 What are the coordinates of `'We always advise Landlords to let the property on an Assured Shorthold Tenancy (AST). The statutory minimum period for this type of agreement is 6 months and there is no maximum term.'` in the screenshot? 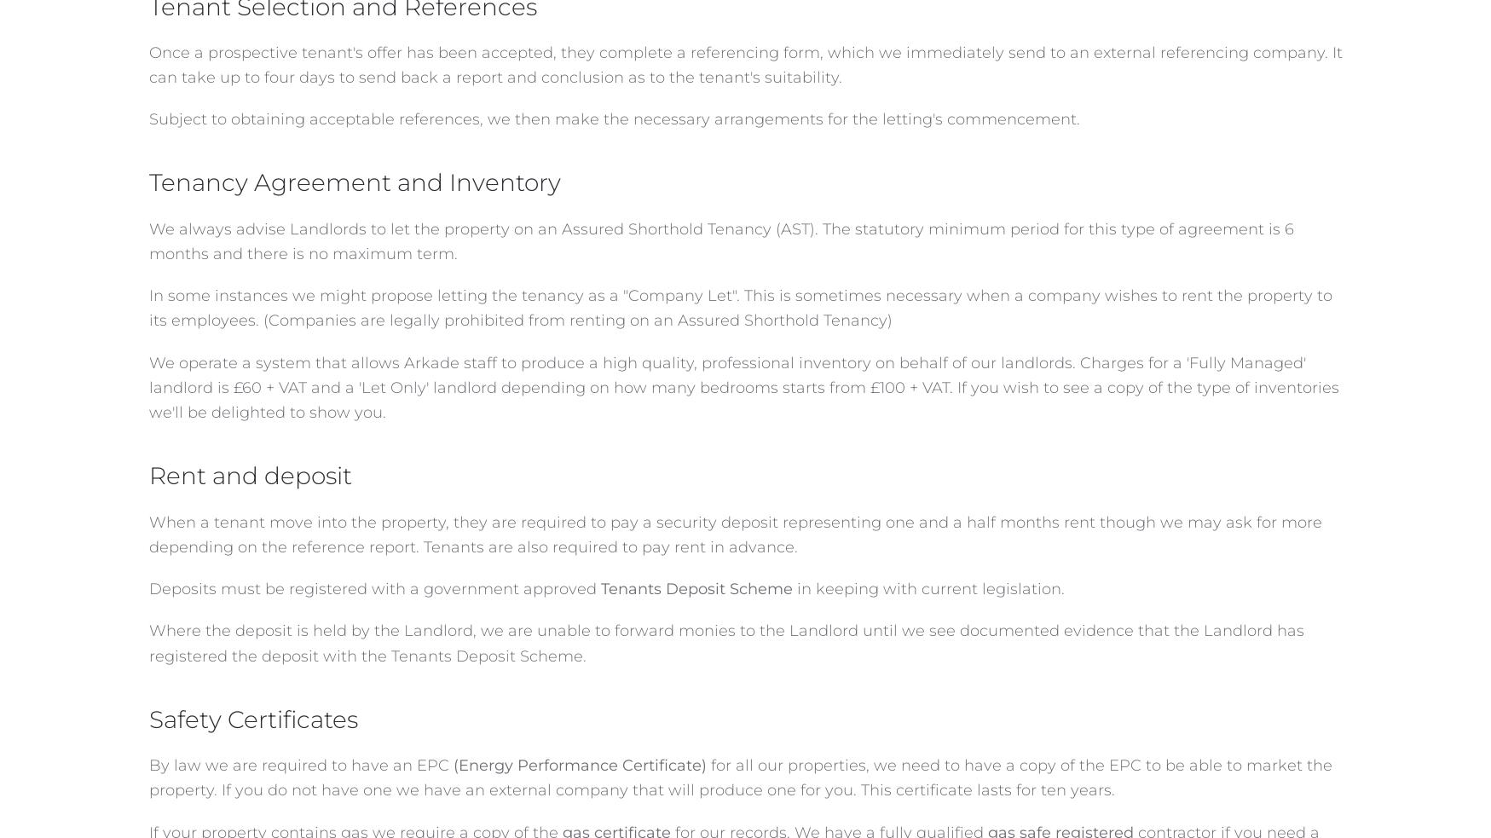 It's located at (719, 240).